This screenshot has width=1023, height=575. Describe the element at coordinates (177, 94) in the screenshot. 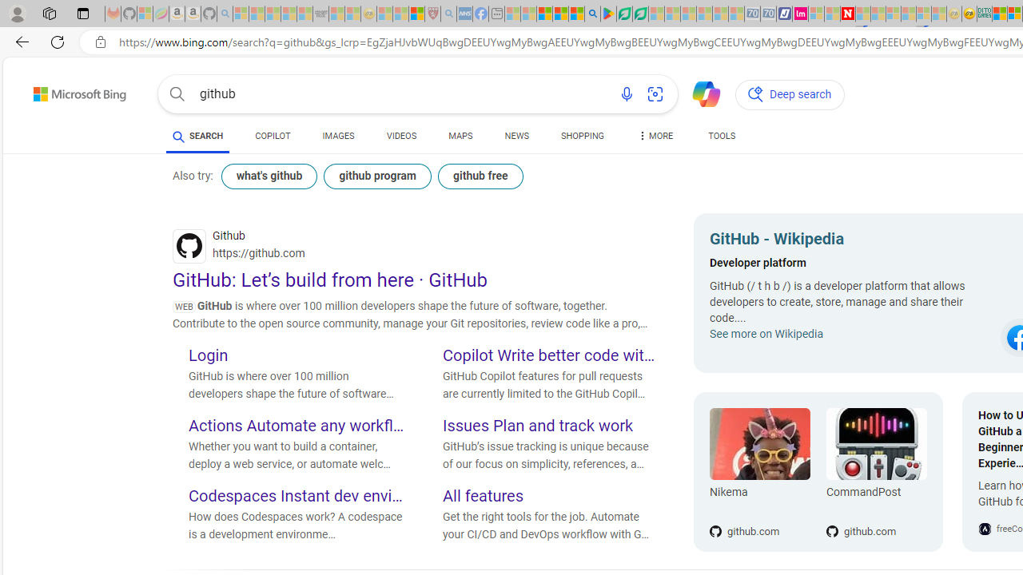

I see `'Search button'` at that location.